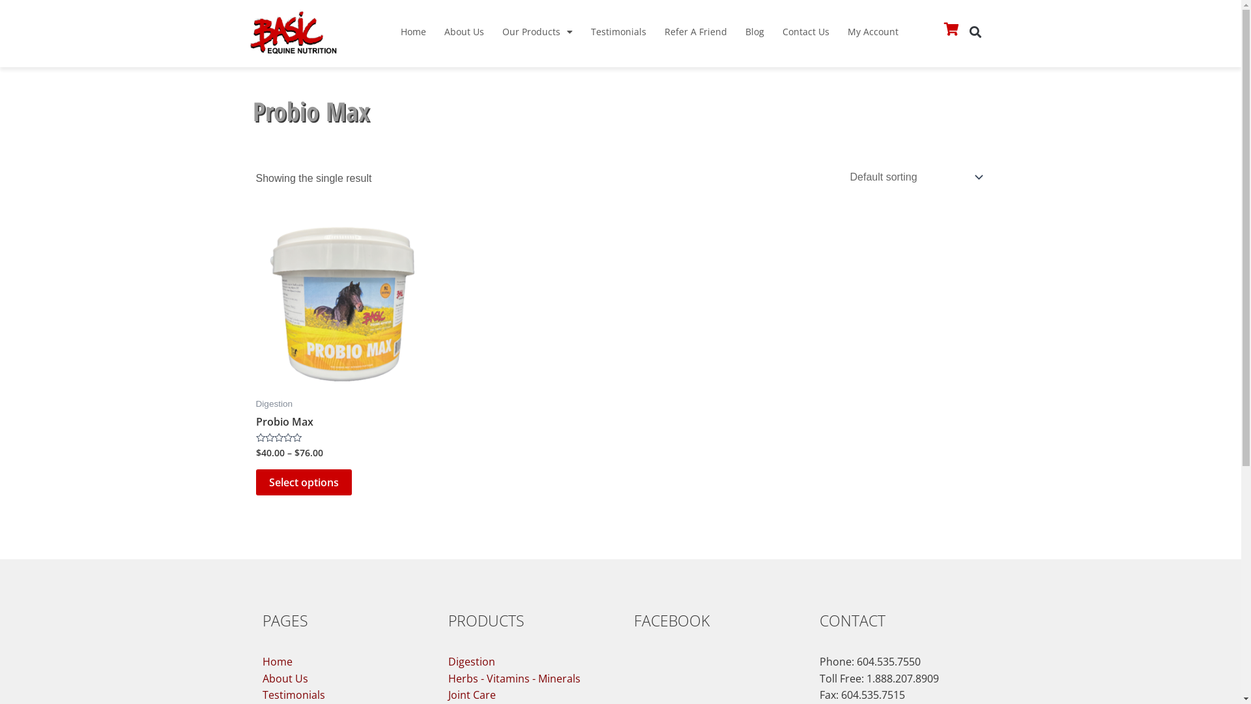 The width and height of the screenshot is (1251, 704). What do you see at coordinates (838, 31) in the screenshot?
I see `'My Account'` at bounding box center [838, 31].